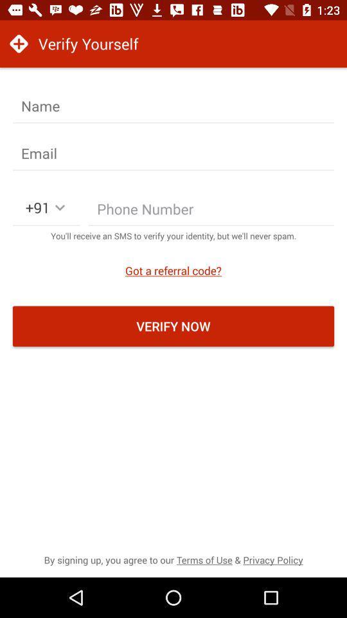 The height and width of the screenshot is (618, 347). I want to click on the item below you ll receive item, so click(173, 270).